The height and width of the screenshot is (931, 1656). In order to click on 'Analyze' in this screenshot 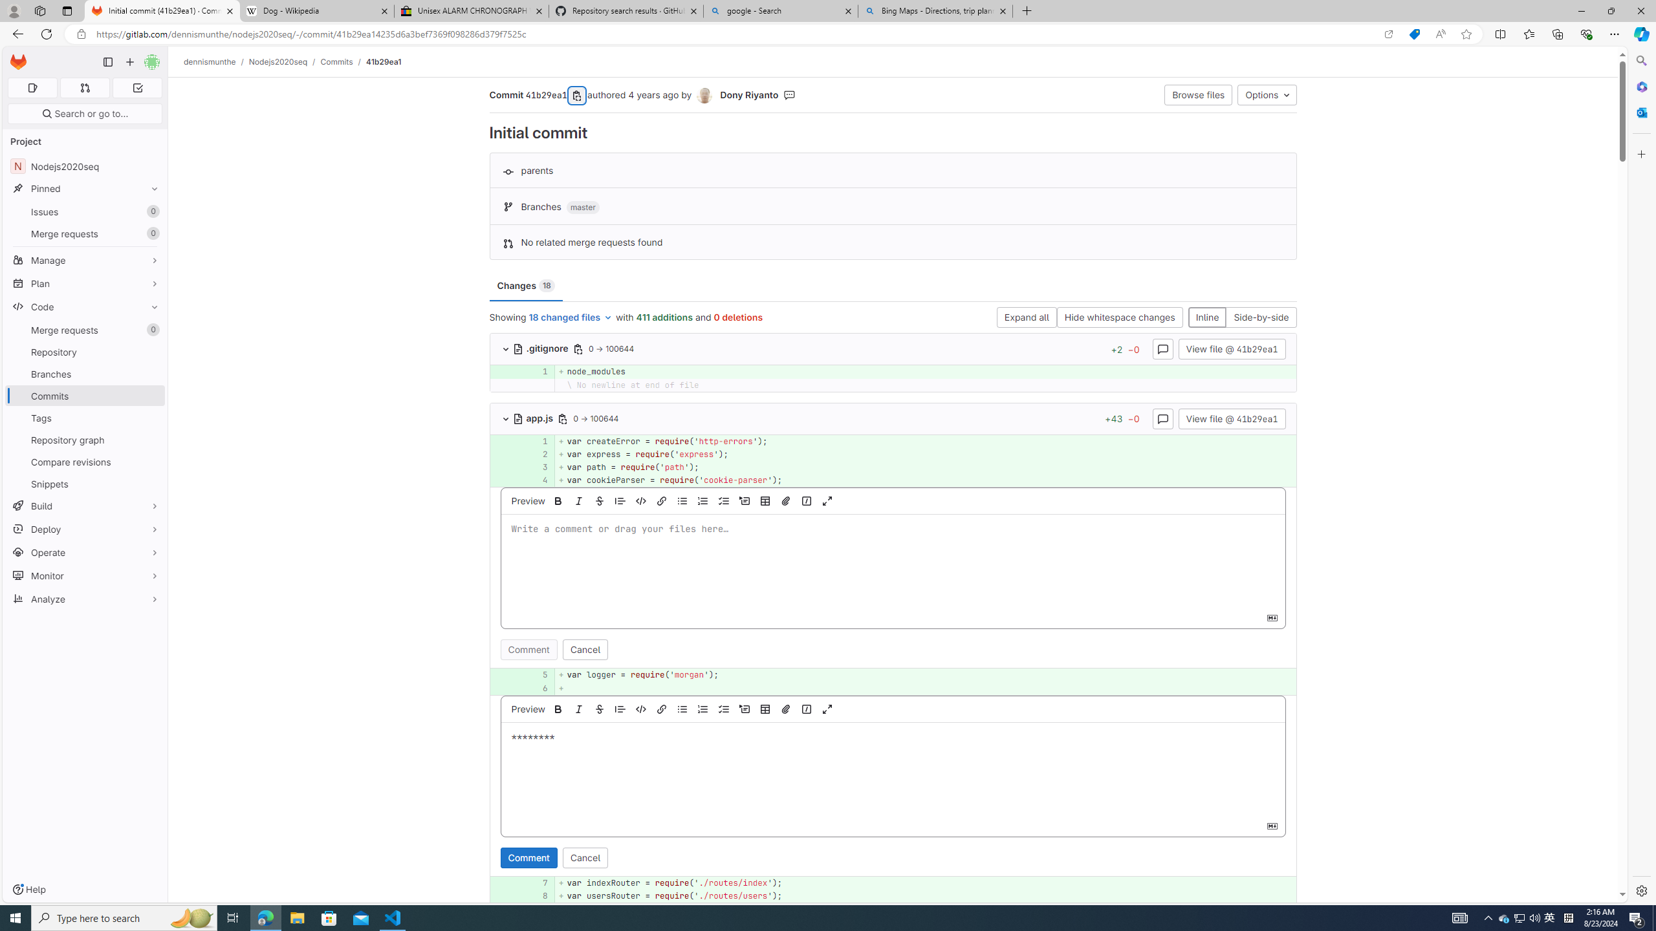, I will do `click(84, 599)`.